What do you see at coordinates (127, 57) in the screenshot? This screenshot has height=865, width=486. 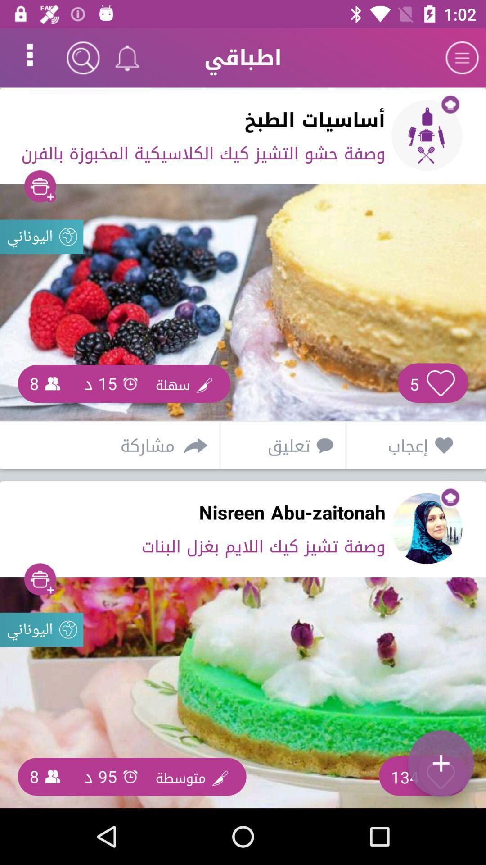 I see `the notifications icon` at bounding box center [127, 57].